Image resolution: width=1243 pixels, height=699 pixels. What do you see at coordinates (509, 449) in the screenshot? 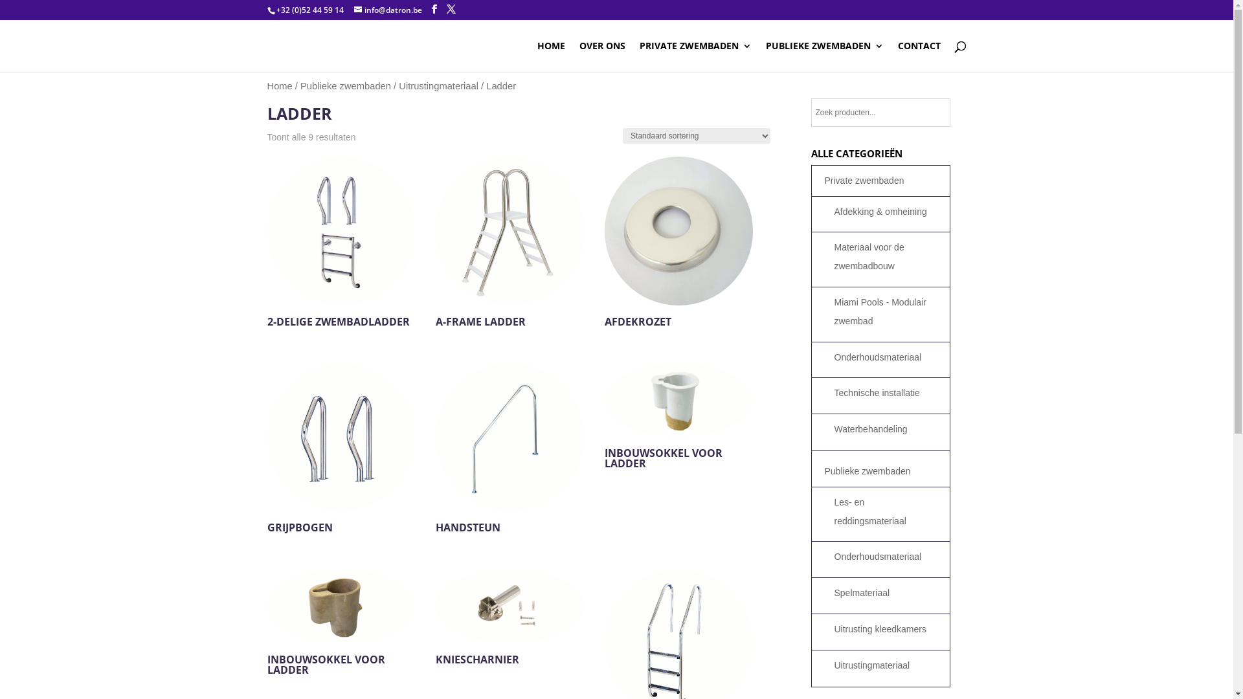
I see `'HANDSTEUN'` at bounding box center [509, 449].